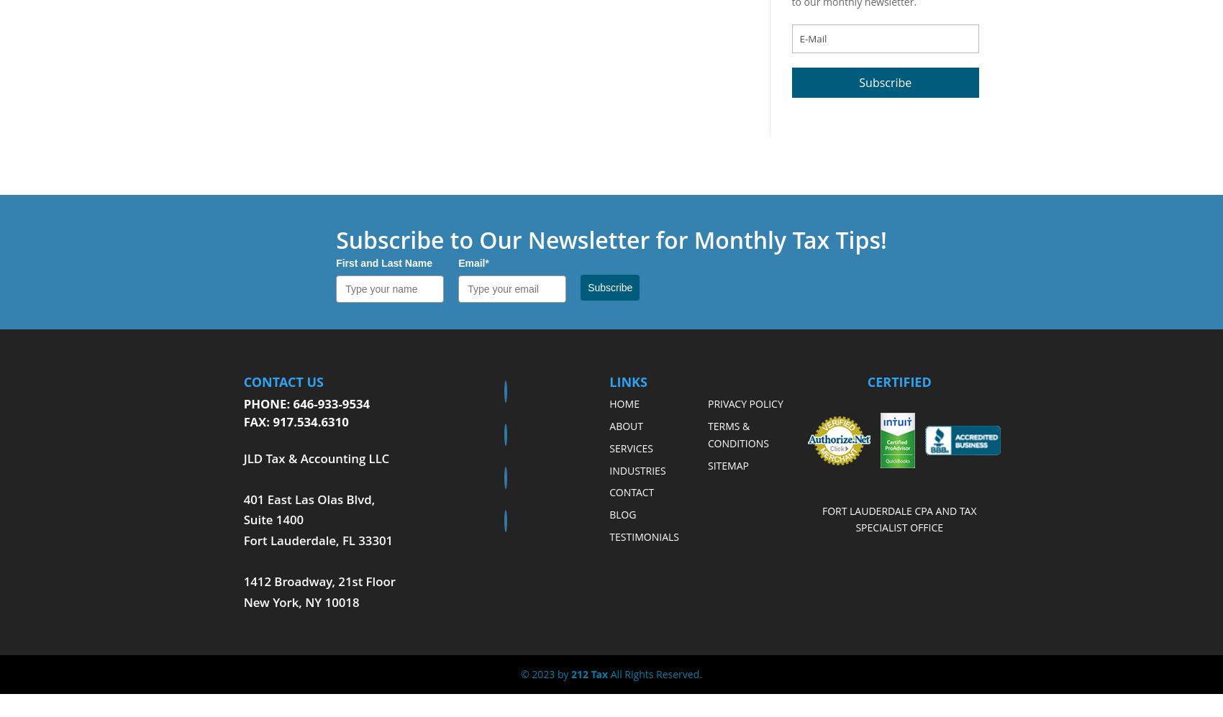 This screenshot has height=717, width=1223. What do you see at coordinates (737, 433) in the screenshot?
I see `'TERMS & CONDITIONS'` at bounding box center [737, 433].